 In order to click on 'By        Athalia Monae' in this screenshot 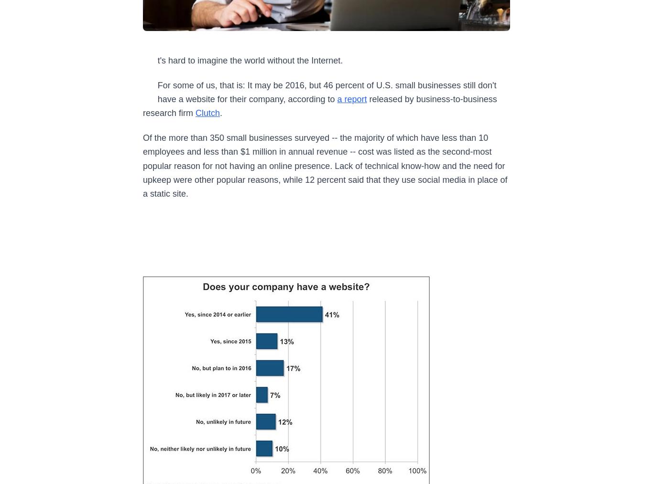, I will do `click(167, 4)`.